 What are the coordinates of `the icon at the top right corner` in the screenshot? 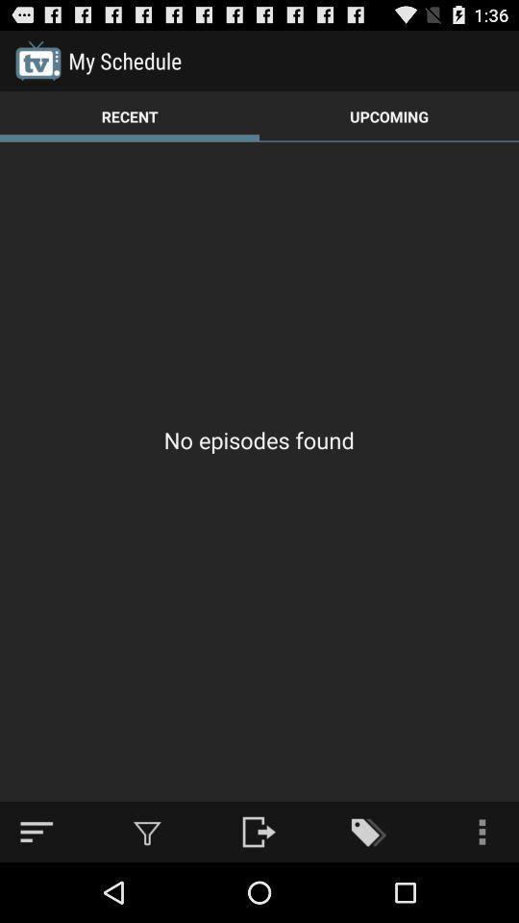 It's located at (389, 115).